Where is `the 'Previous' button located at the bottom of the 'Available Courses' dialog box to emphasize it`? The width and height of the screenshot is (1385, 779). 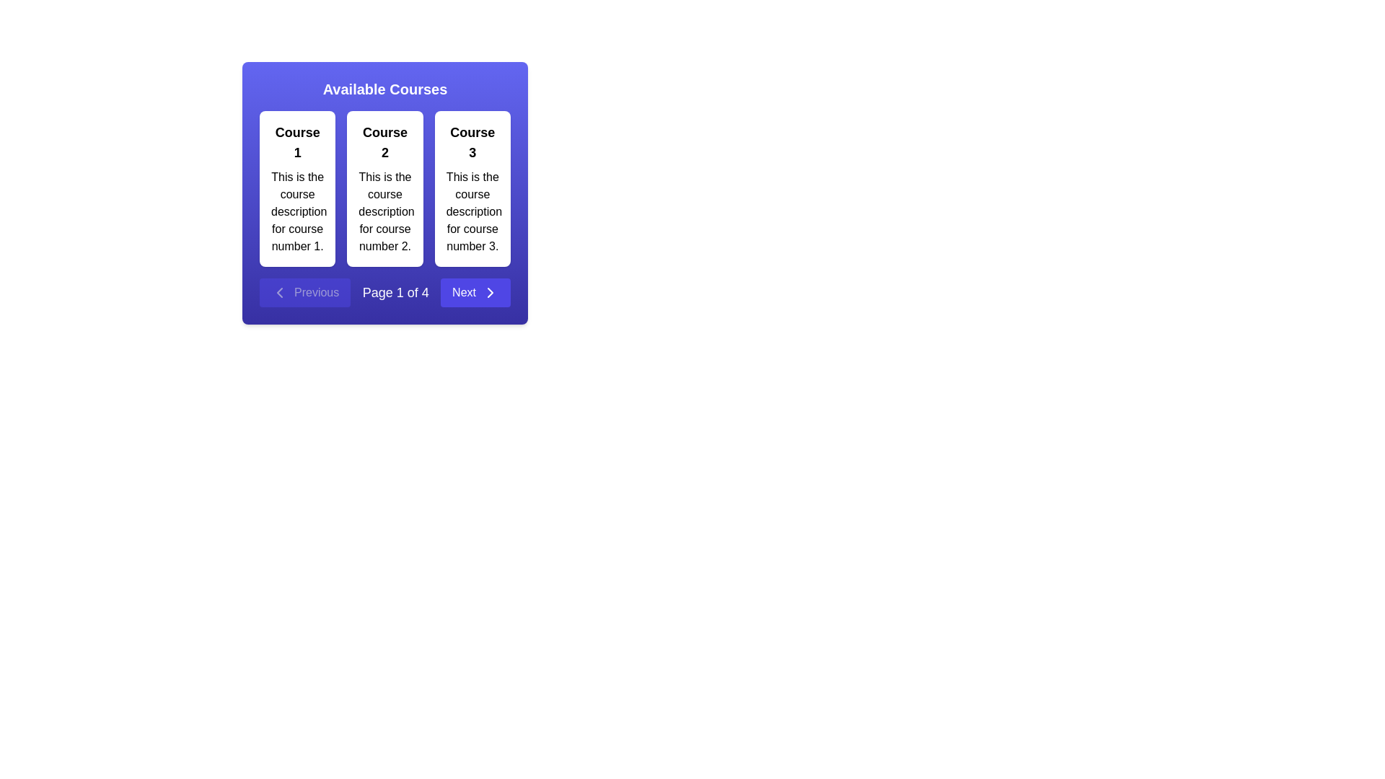
the 'Previous' button located at the bottom of the 'Available Courses' dialog box to emphasize it is located at coordinates (304, 292).